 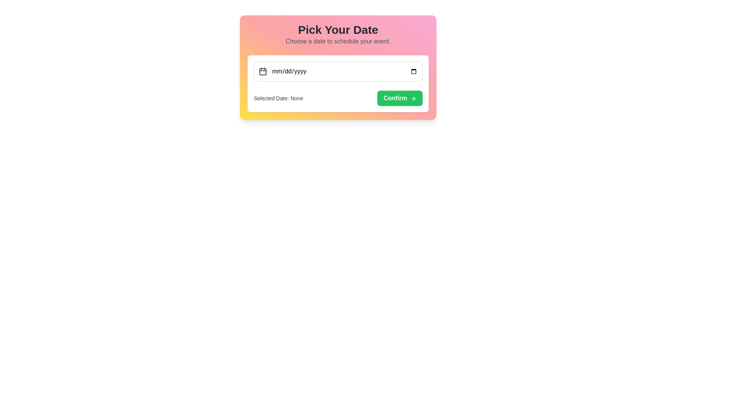 What do you see at coordinates (263, 71) in the screenshot?
I see `the main body of the calendar icon, which is the largest rectangular shape within the calendar icon located to the left of the date input field labeled 'mm/dd/yyyy'` at bounding box center [263, 71].